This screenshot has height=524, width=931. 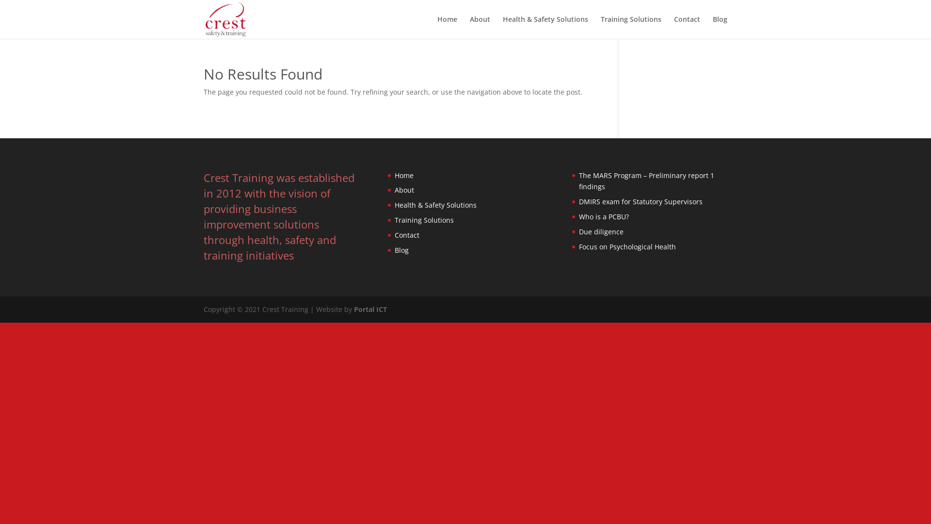 What do you see at coordinates (600, 231) in the screenshot?
I see `'Due diligence'` at bounding box center [600, 231].